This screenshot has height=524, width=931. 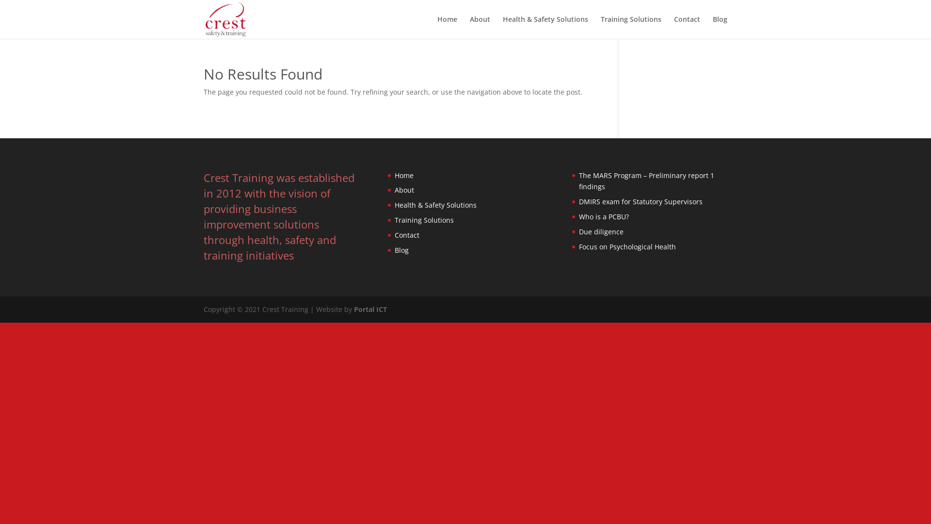 What do you see at coordinates (600, 231) in the screenshot?
I see `'Due diligence'` at bounding box center [600, 231].